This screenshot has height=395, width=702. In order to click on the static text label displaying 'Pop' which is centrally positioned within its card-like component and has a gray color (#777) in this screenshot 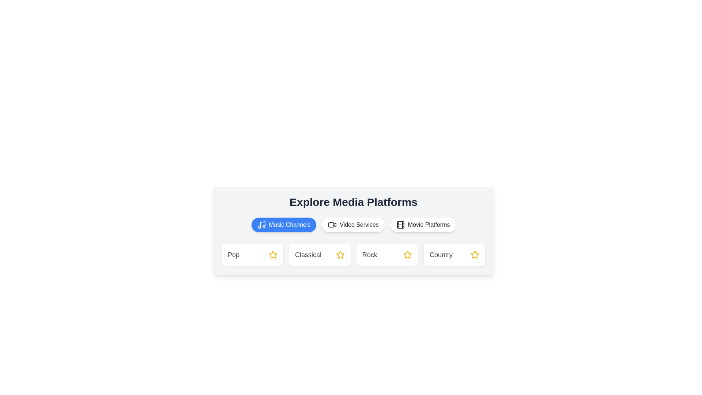, I will do `click(233, 255)`.